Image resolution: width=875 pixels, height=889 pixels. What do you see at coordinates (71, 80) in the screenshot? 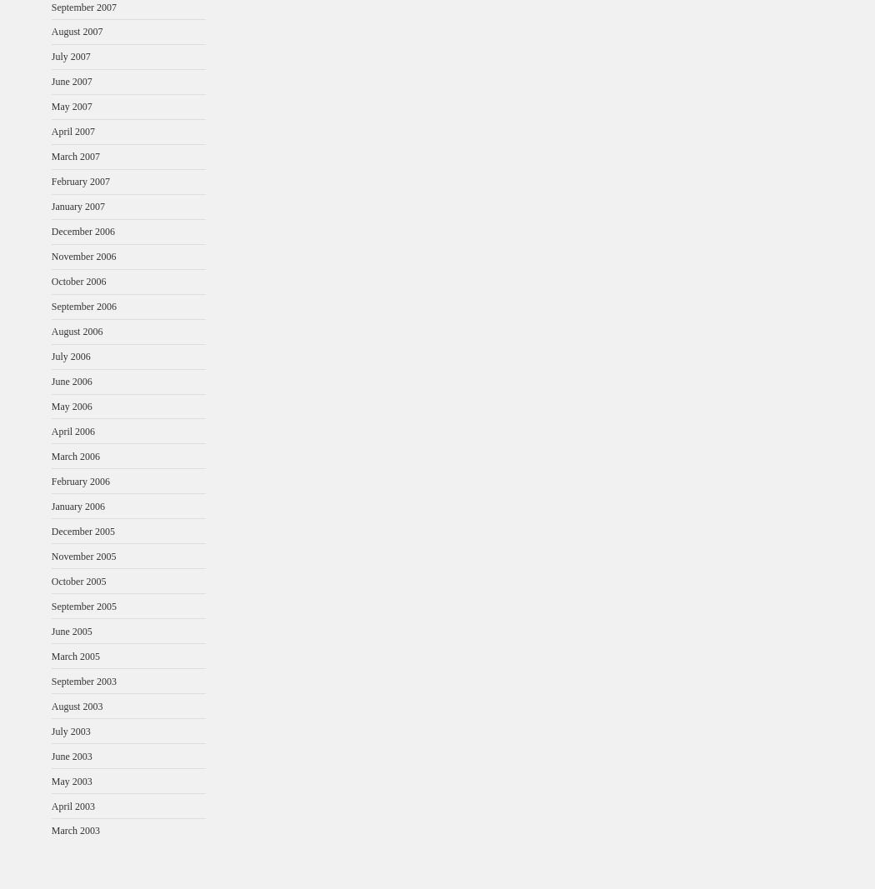
I see `'June 2007'` at bounding box center [71, 80].